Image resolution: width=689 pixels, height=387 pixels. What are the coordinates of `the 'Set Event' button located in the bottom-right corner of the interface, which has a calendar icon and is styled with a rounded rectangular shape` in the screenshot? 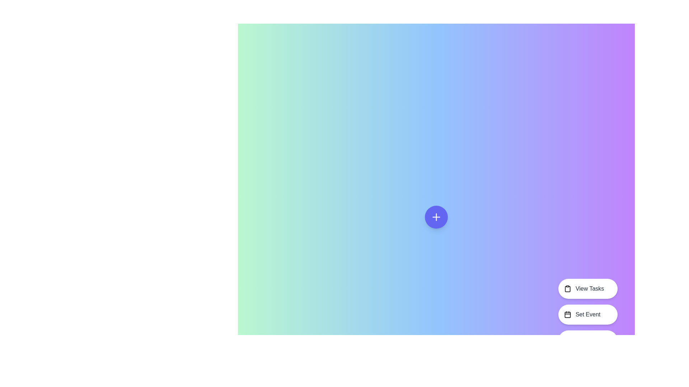 It's located at (588, 314).